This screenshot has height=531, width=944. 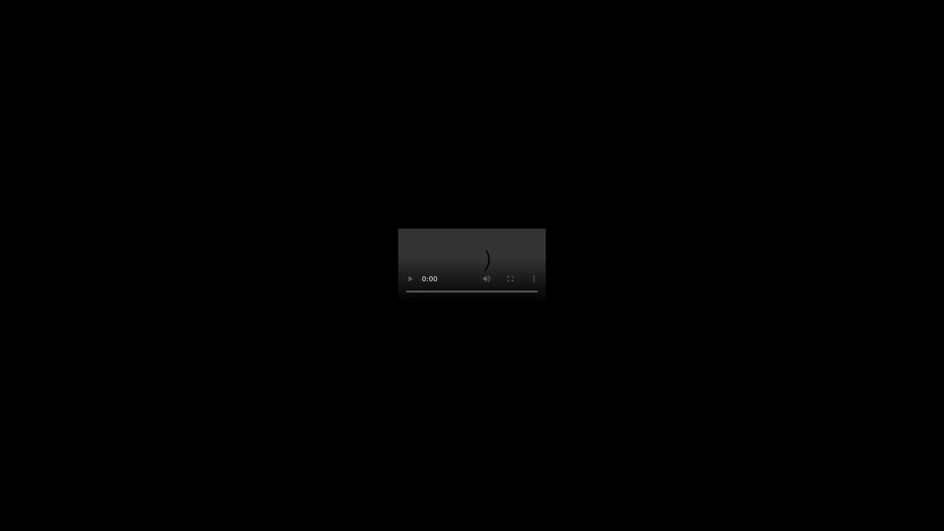 I want to click on show more media controls, so click(x=533, y=279).